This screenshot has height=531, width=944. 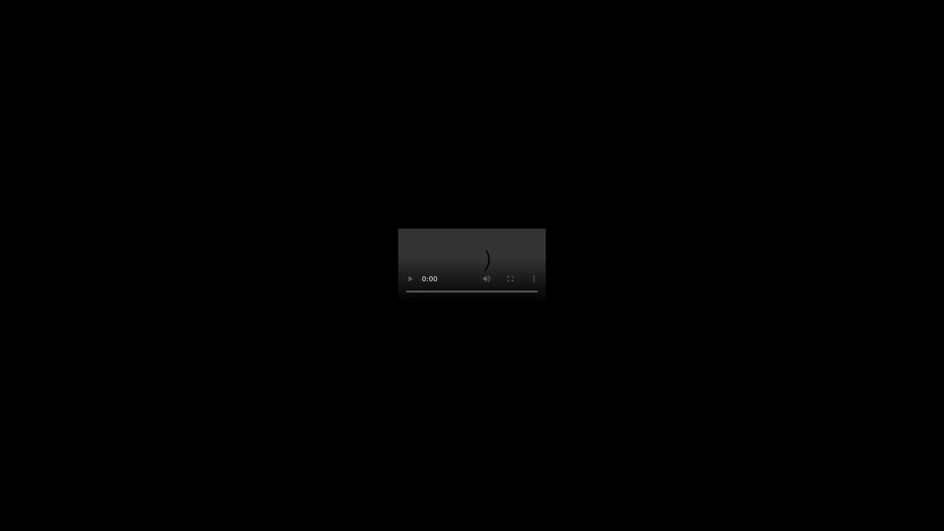 I want to click on show more media controls, so click(x=533, y=279).